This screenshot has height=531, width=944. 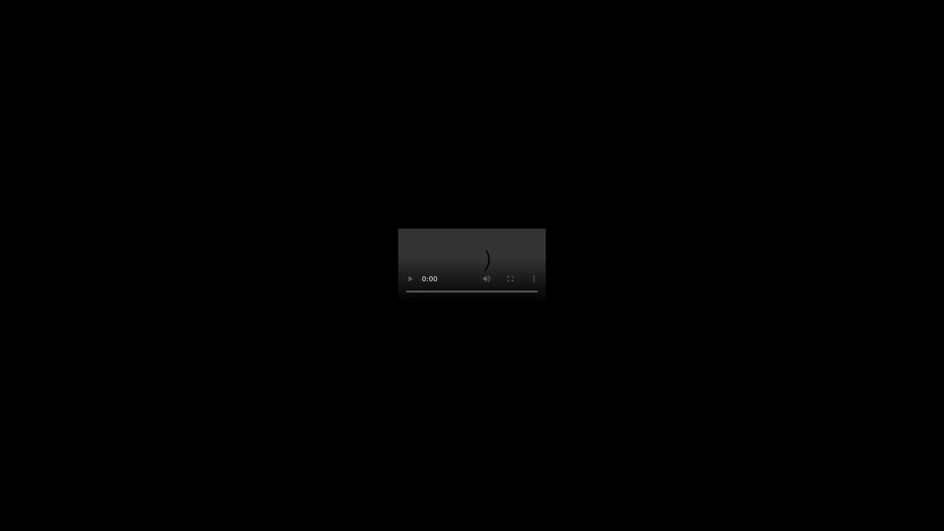 I want to click on show more media controls, so click(x=533, y=279).